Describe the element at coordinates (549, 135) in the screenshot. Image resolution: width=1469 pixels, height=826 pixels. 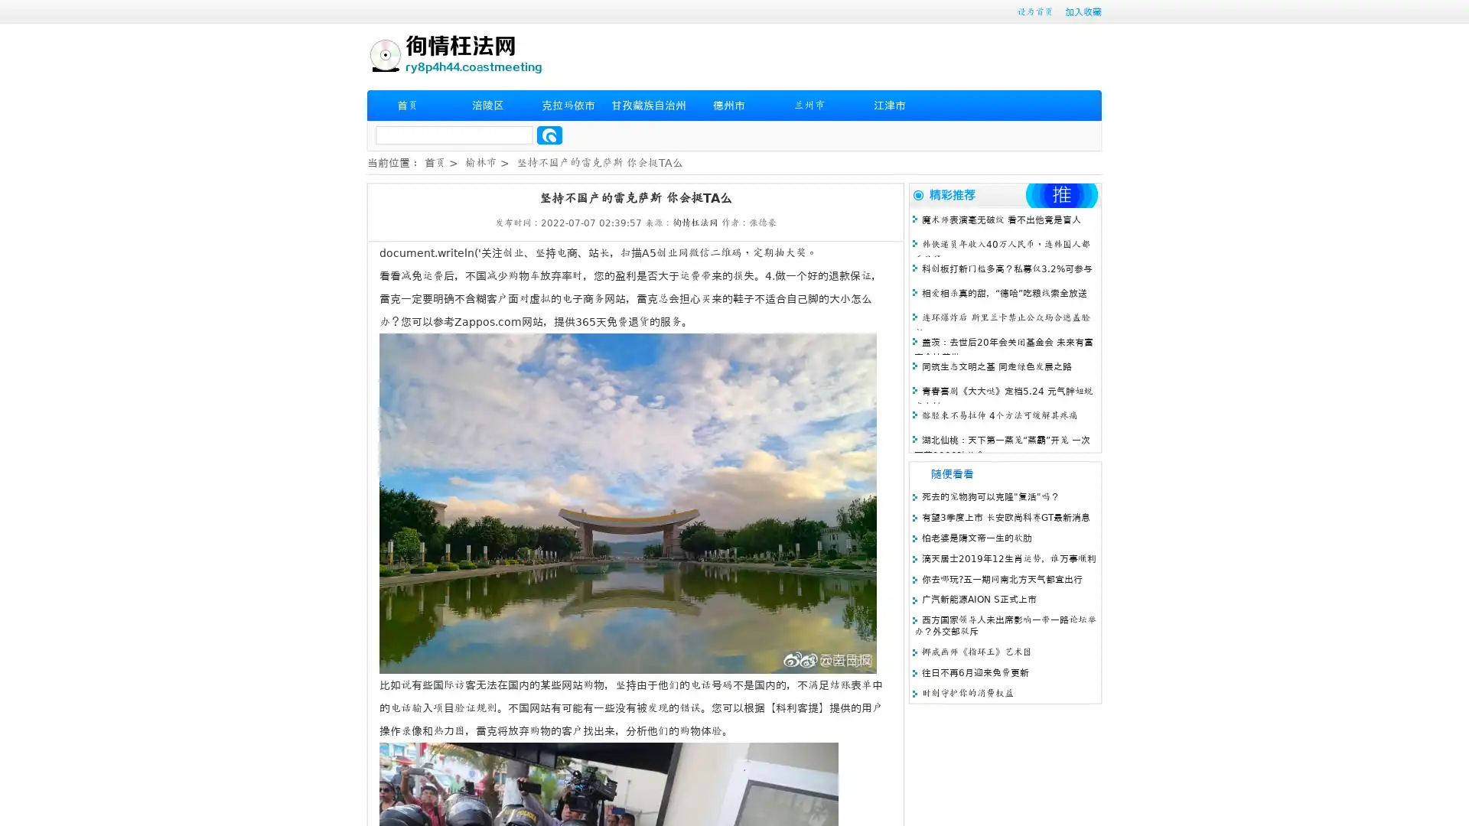
I see `Search` at that location.